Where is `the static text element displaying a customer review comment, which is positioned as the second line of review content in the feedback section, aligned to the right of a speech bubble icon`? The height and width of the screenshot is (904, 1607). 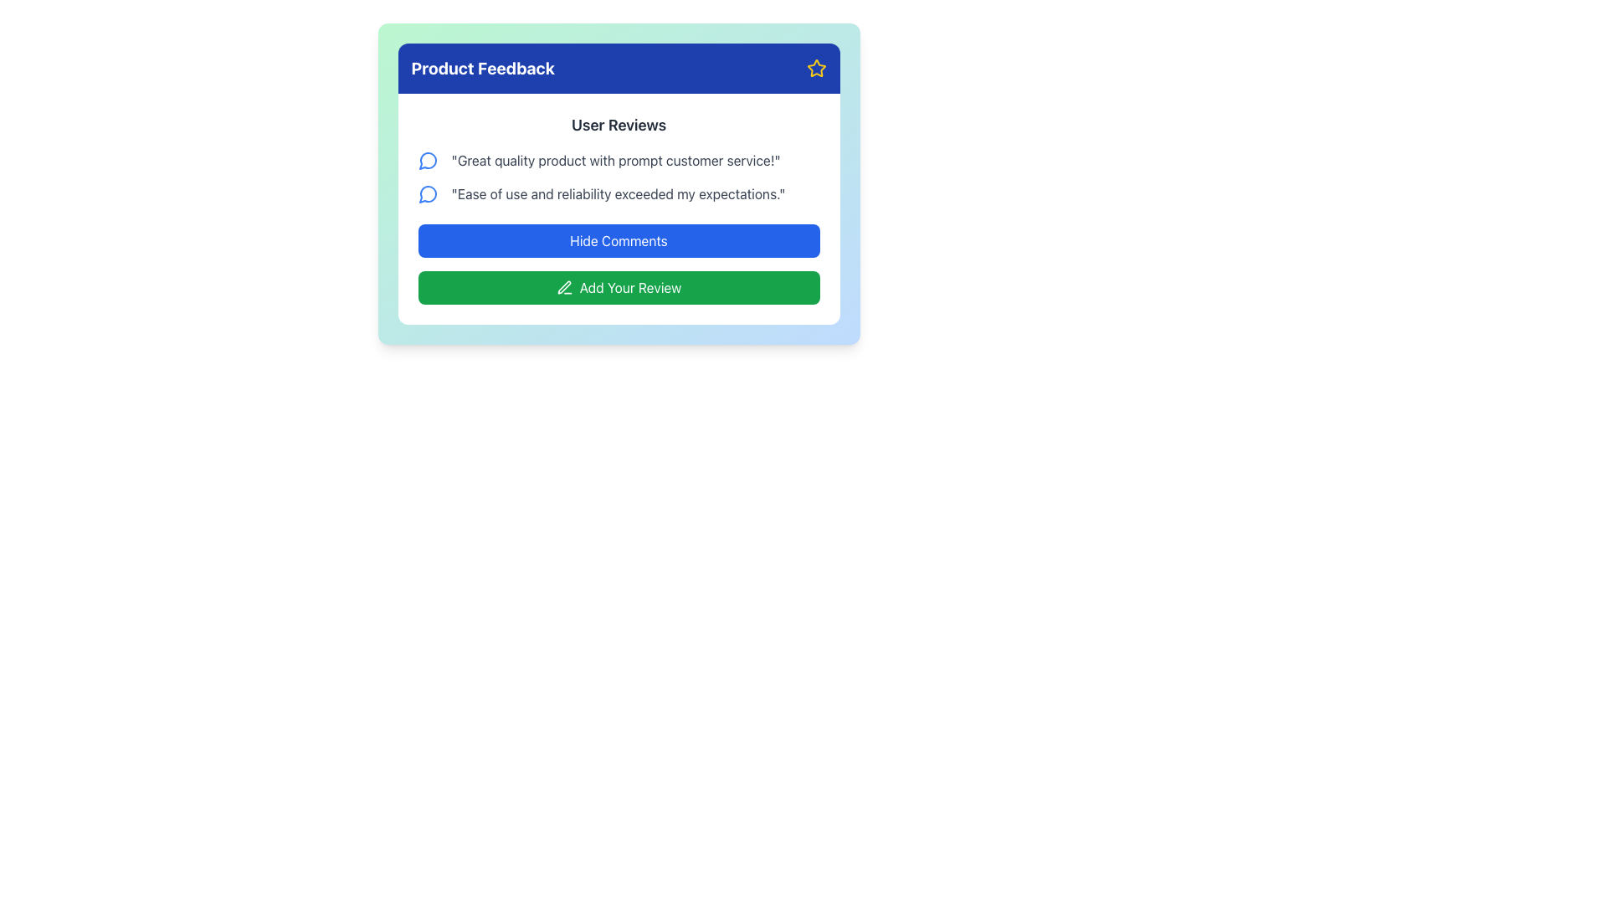
the static text element displaying a customer review comment, which is positioned as the second line of review content in the feedback section, aligned to the right of a speech bubble icon is located at coordinates (618, 193).